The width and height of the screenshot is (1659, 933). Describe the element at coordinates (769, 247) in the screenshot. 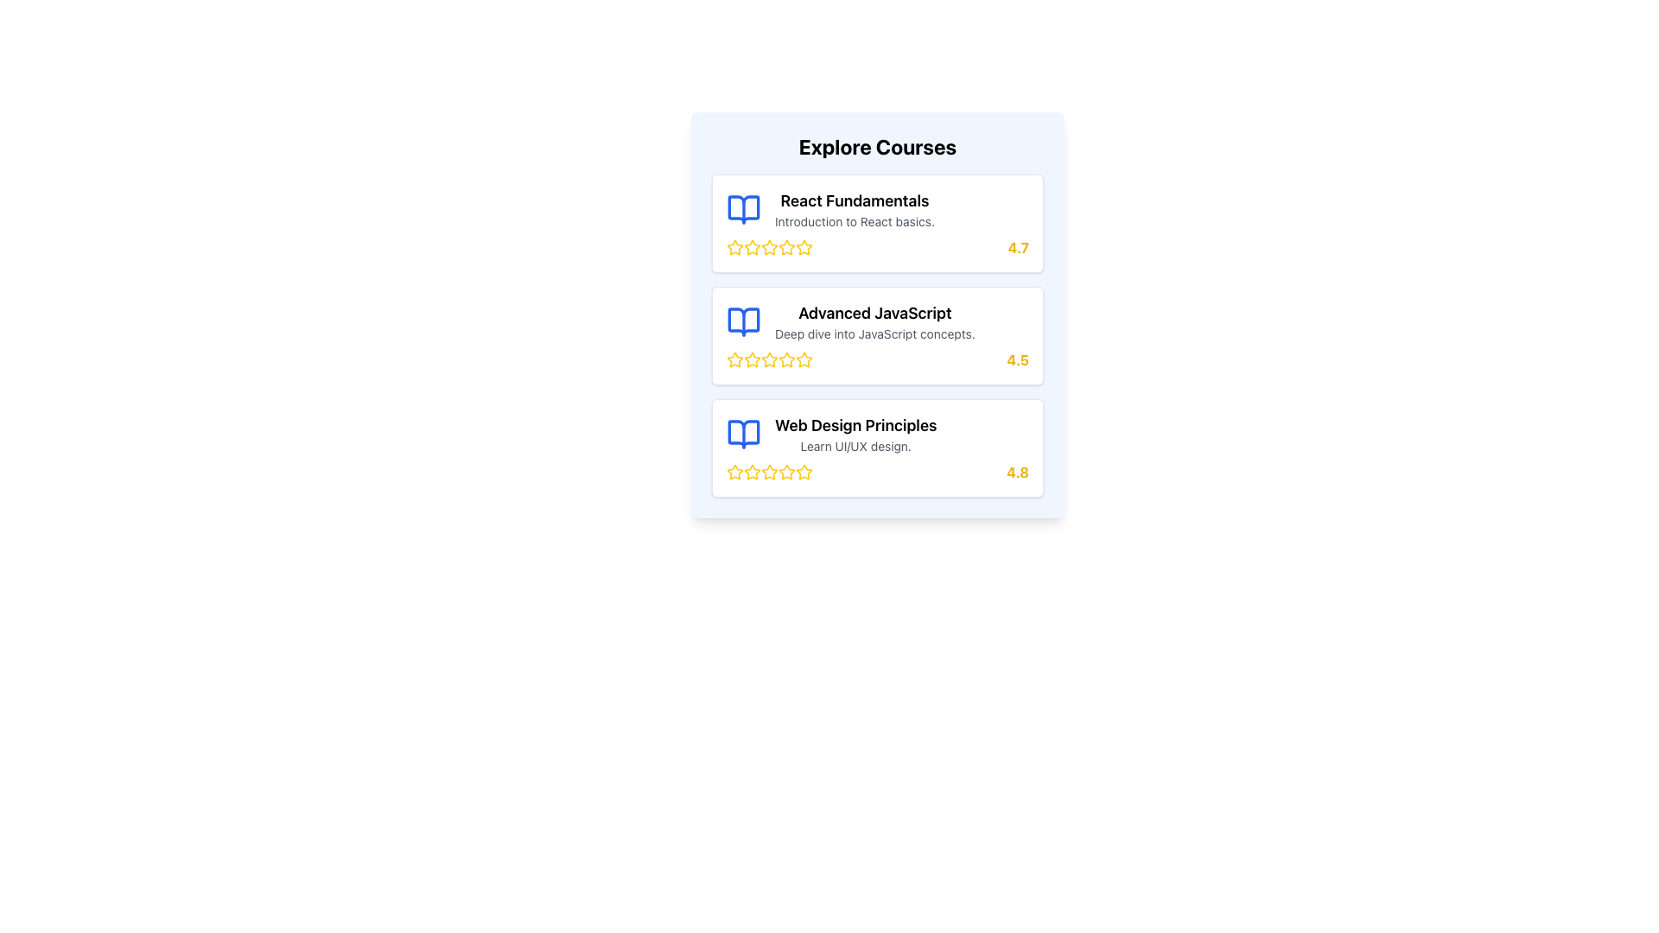

I see `the first star-shaped icon in the rating system for the 'React Fundamentals' course card, which is a hollow outline filled with yellow and has a solid border` at that location.